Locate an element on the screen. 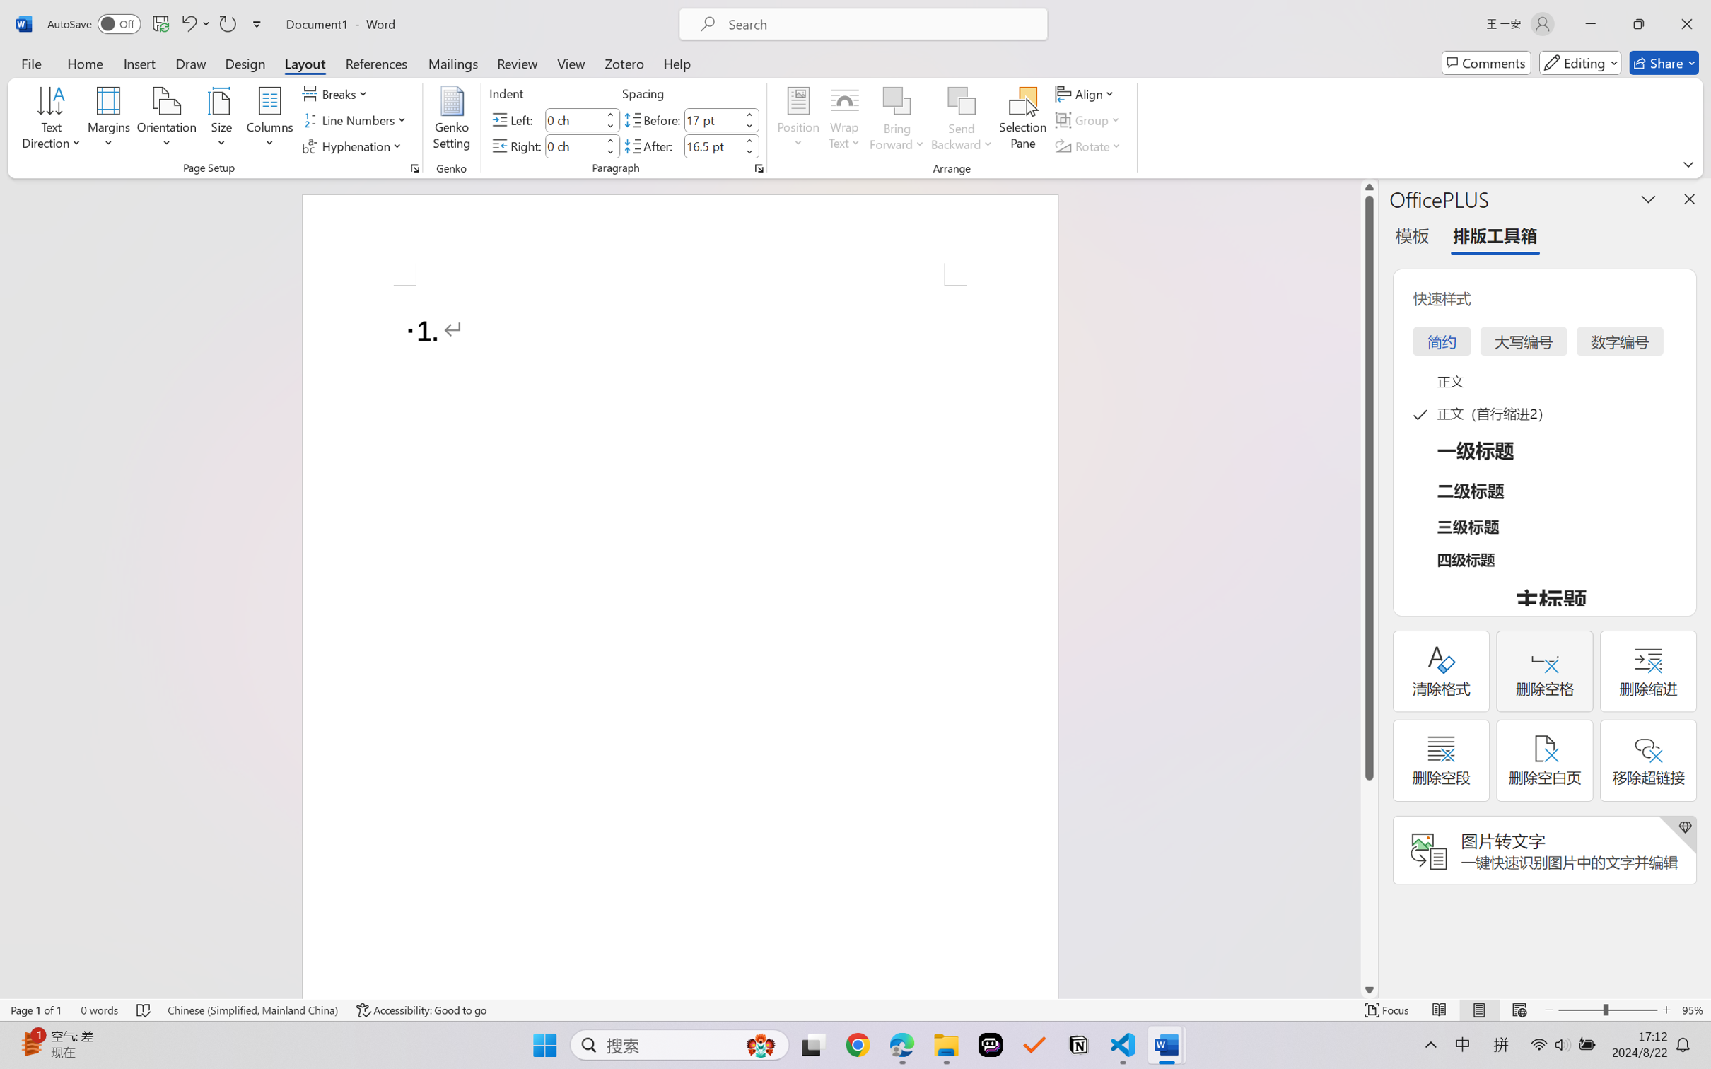 Image resolution: width=1711 pixels, height=1069 pixels. 'Bring Forward' is located at coordinates (897, 120).